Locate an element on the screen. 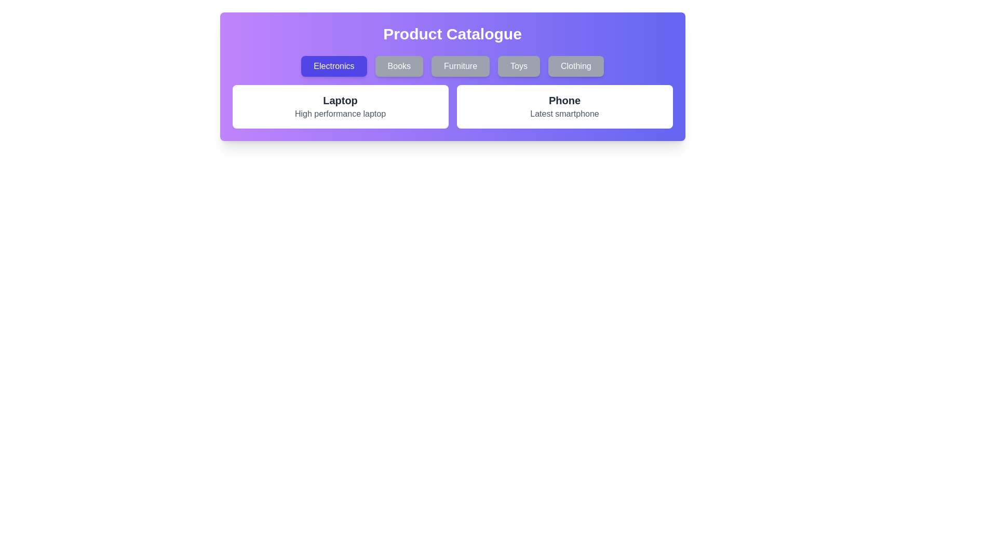  the category button labeled Clothing to filter products is located at coordinates (575, 66).